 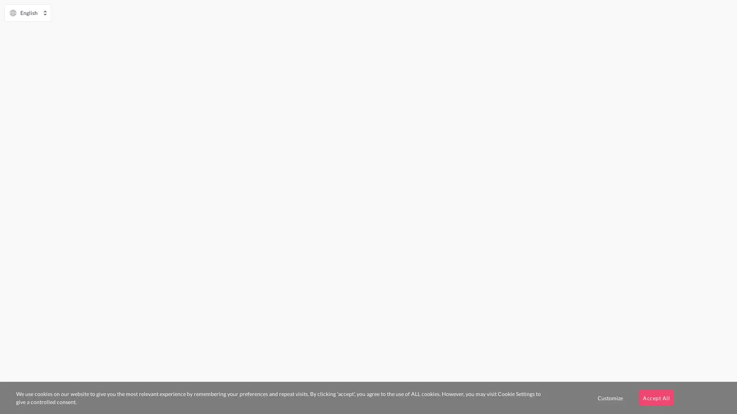 I want to click on Login, so click(x=183, y=240).